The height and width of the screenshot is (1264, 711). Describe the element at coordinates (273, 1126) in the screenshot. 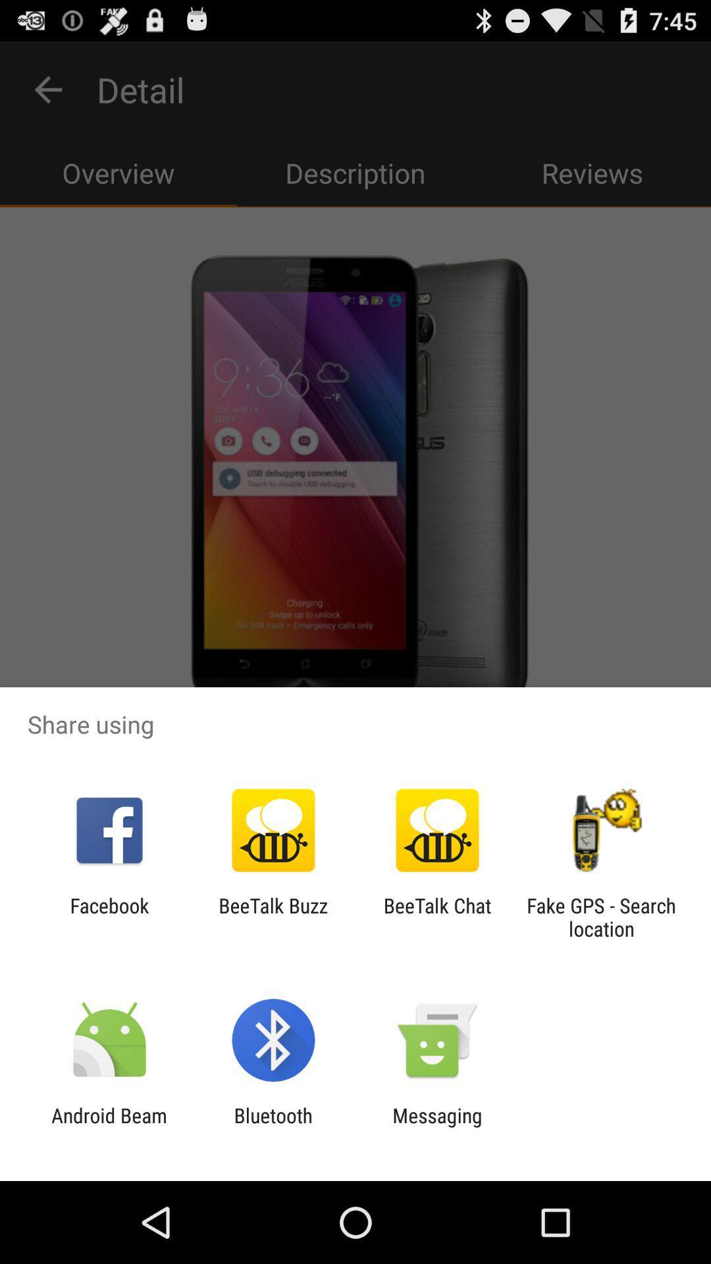

I see `icon next to the messaging icon` at that location.